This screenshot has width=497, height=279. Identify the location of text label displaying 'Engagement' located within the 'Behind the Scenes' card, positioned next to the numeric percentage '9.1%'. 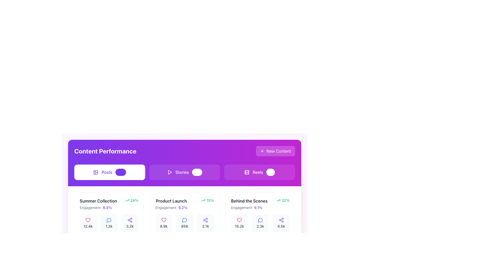
(241, 207).